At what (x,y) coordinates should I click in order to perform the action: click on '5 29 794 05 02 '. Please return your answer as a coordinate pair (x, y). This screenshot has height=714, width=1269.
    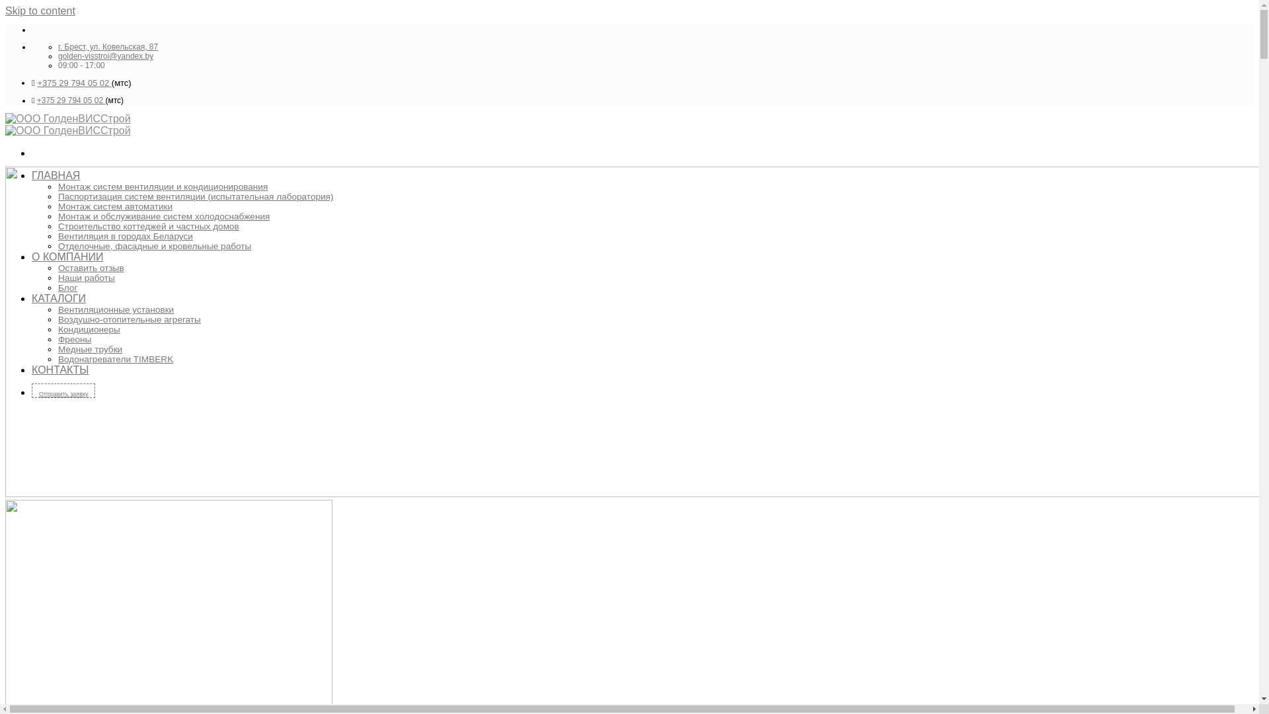
    Looking at the image, I should click on (81, 83).